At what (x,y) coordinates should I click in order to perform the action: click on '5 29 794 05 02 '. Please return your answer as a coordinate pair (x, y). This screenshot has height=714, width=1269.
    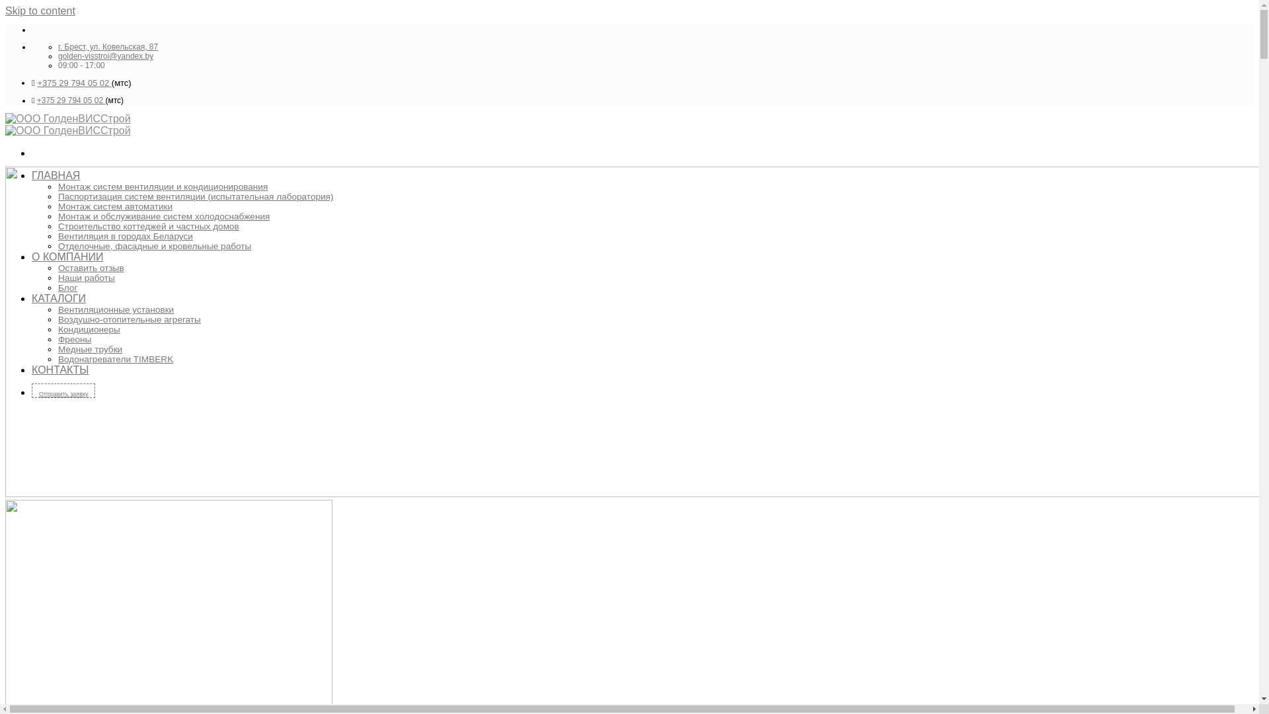
    Looking at the image, I should click on (81, 83).